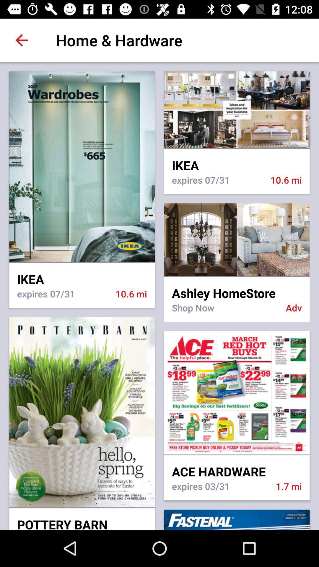 This screenshot has height=567, width=319. I want to click on icon below expires 07/31 item, so click(237, 239).